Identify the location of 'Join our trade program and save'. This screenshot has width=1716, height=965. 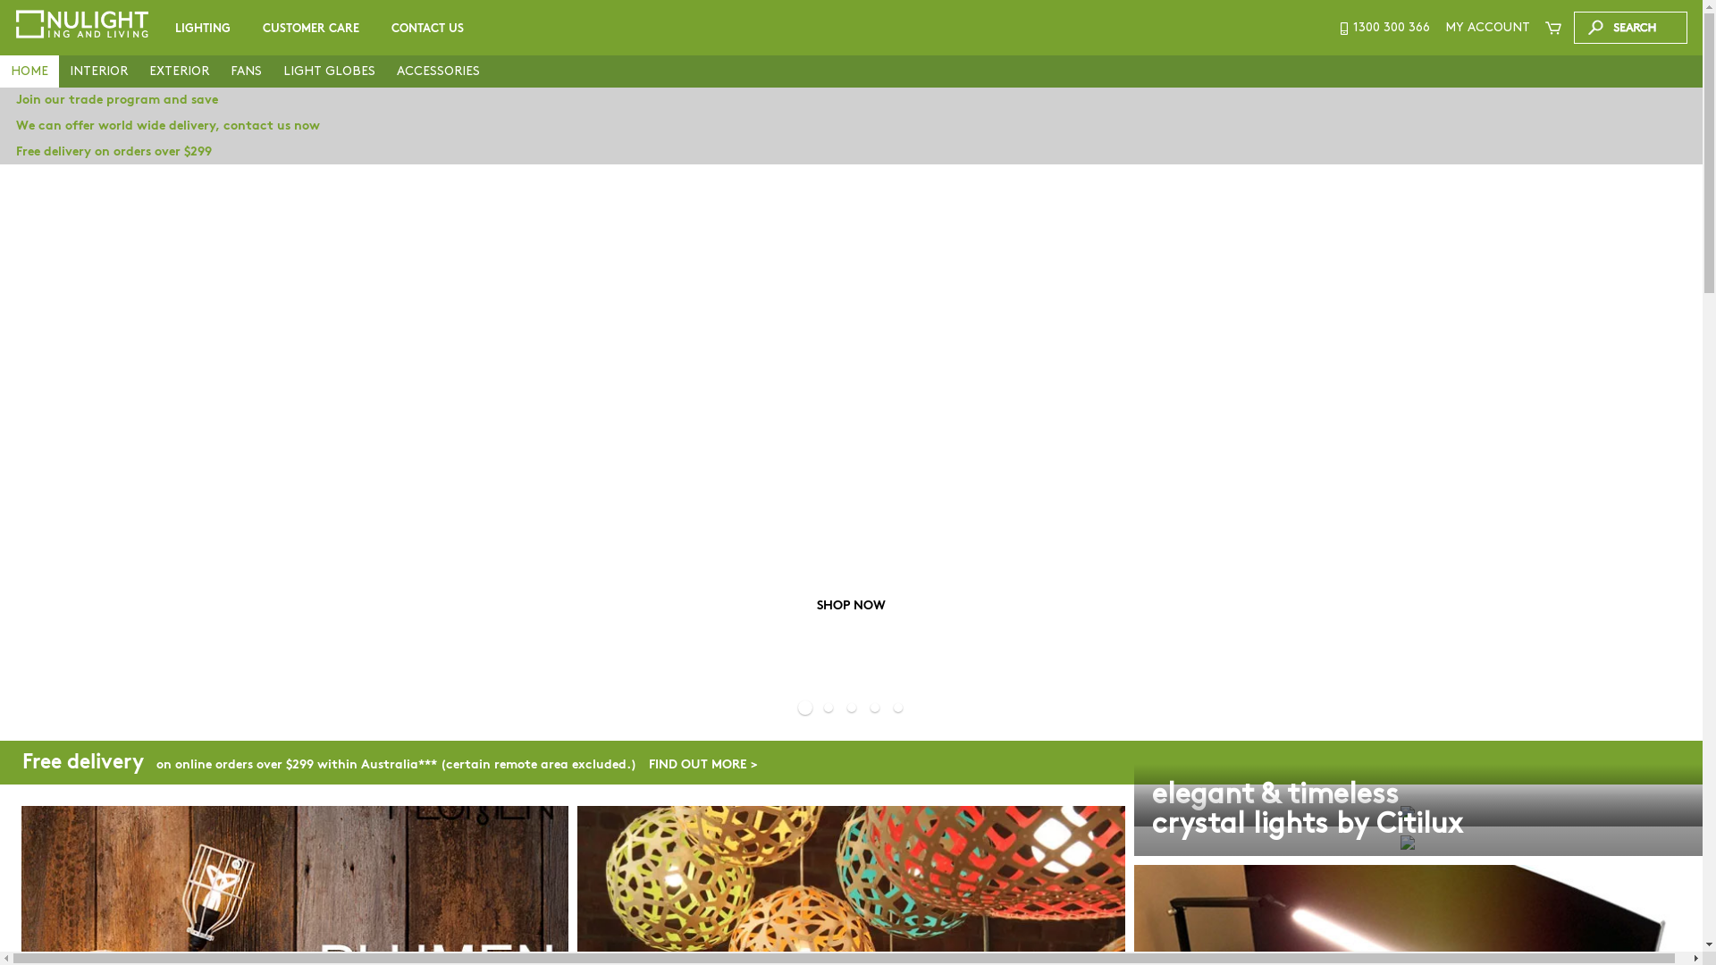
(0, 100).